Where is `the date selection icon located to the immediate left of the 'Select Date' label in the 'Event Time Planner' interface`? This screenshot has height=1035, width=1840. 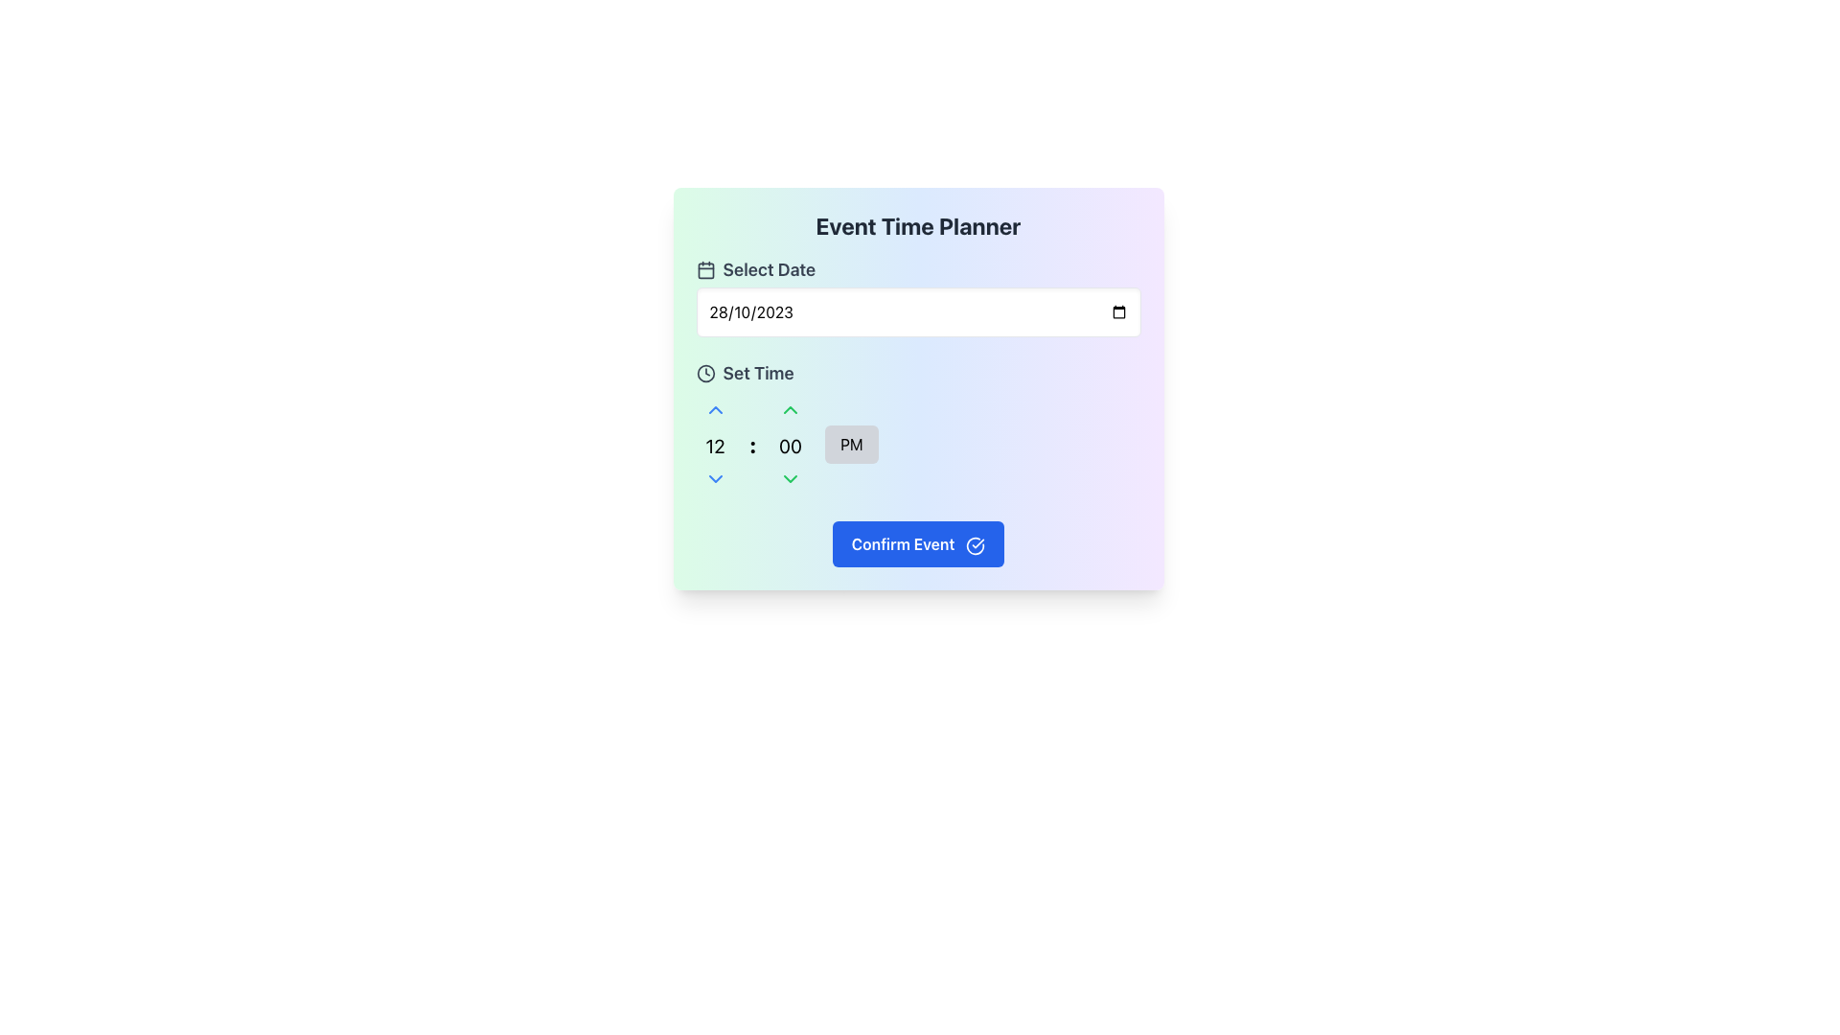
the date selection icon located to the immediate left of the 'Select Date' label in the 'Event Time Planner' interface is located at coordinates (704, 269).